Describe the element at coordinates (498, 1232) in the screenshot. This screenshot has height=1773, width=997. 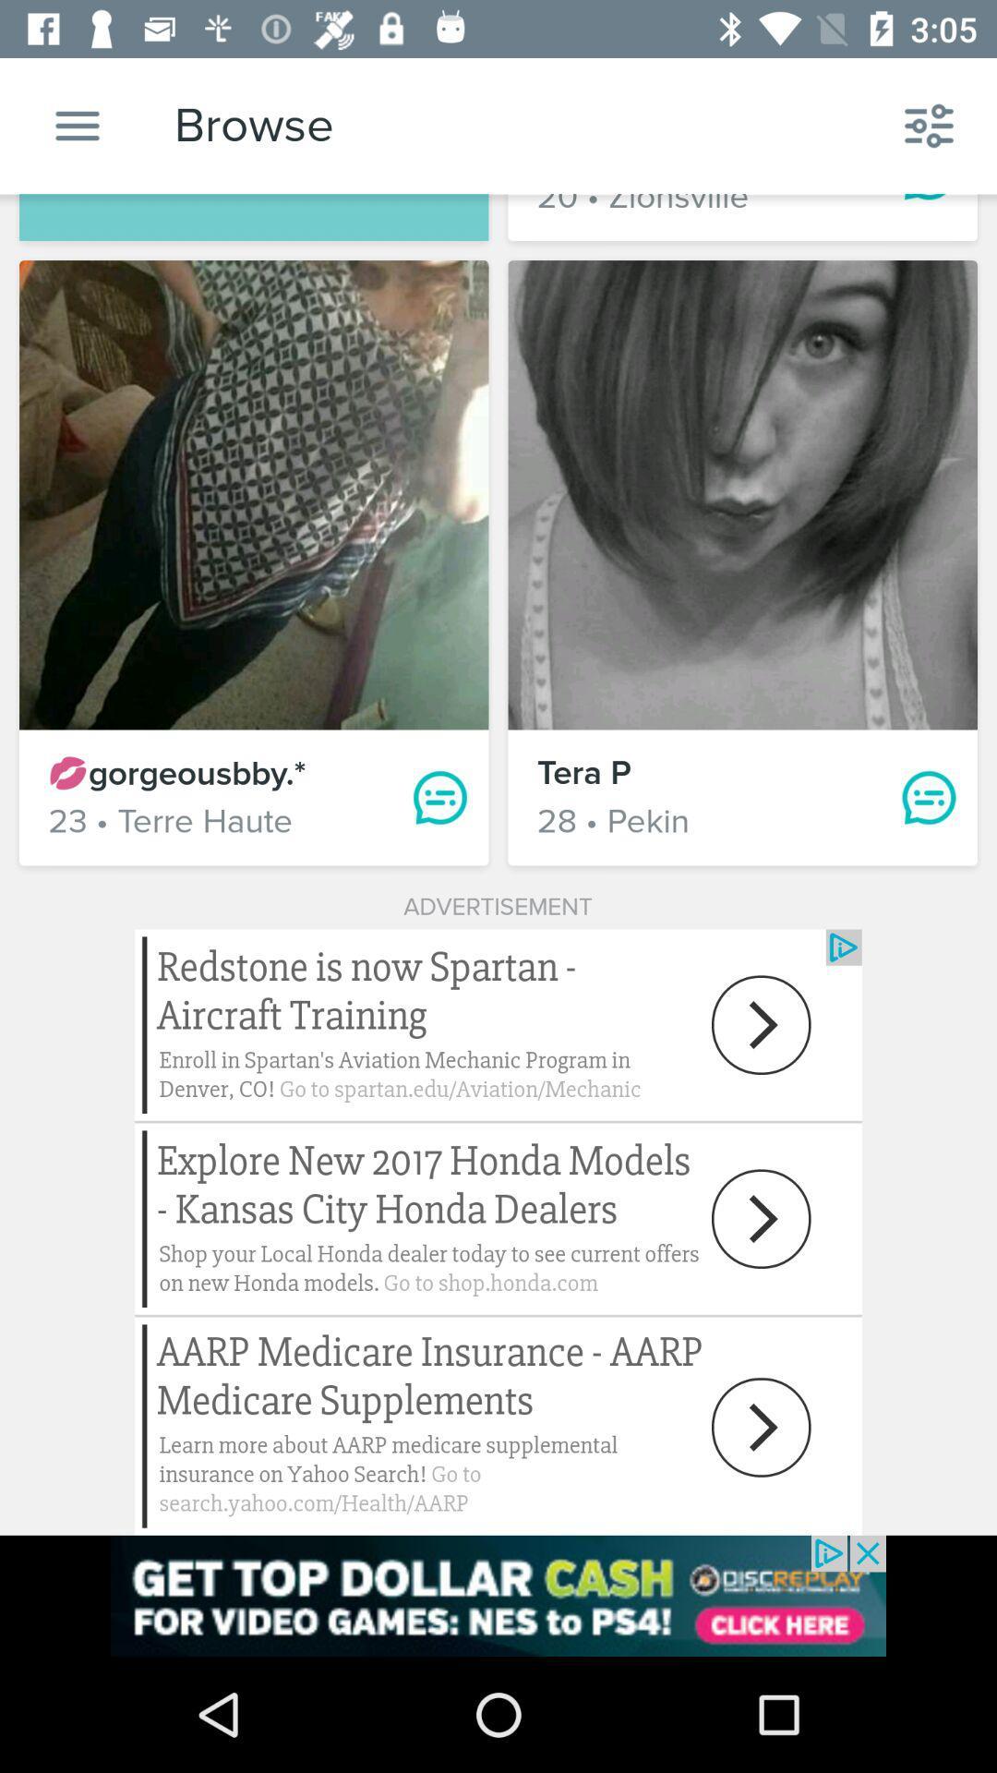
I see `open` at that location.